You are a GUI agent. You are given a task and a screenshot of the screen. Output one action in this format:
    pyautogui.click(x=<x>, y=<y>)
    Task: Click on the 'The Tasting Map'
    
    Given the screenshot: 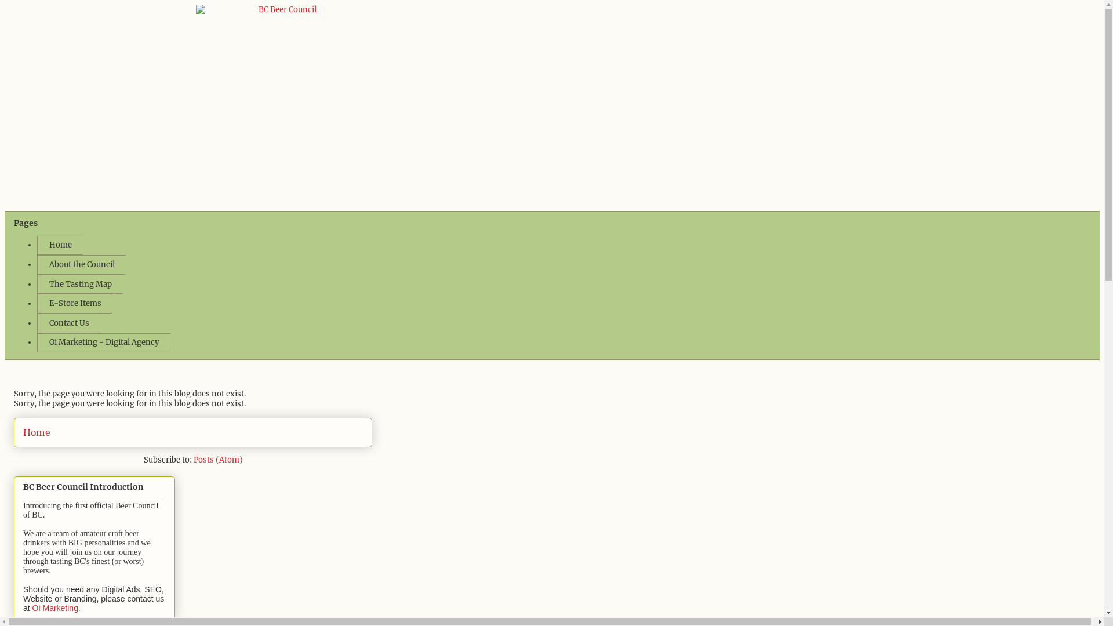 What is the action you would take?
    pyautogui.click(x=79, y=284)
    